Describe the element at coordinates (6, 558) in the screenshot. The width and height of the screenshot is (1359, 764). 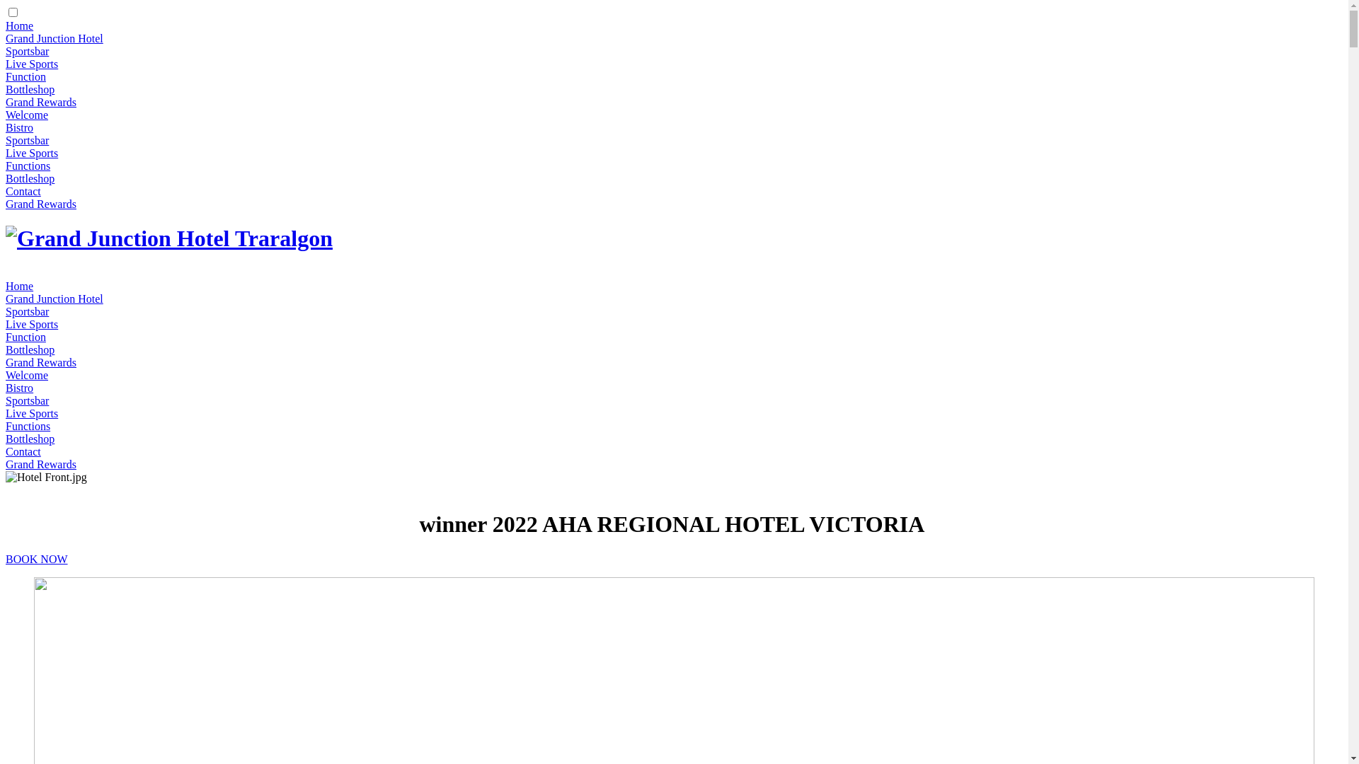
I see `'BOOK NOW'` at that location.